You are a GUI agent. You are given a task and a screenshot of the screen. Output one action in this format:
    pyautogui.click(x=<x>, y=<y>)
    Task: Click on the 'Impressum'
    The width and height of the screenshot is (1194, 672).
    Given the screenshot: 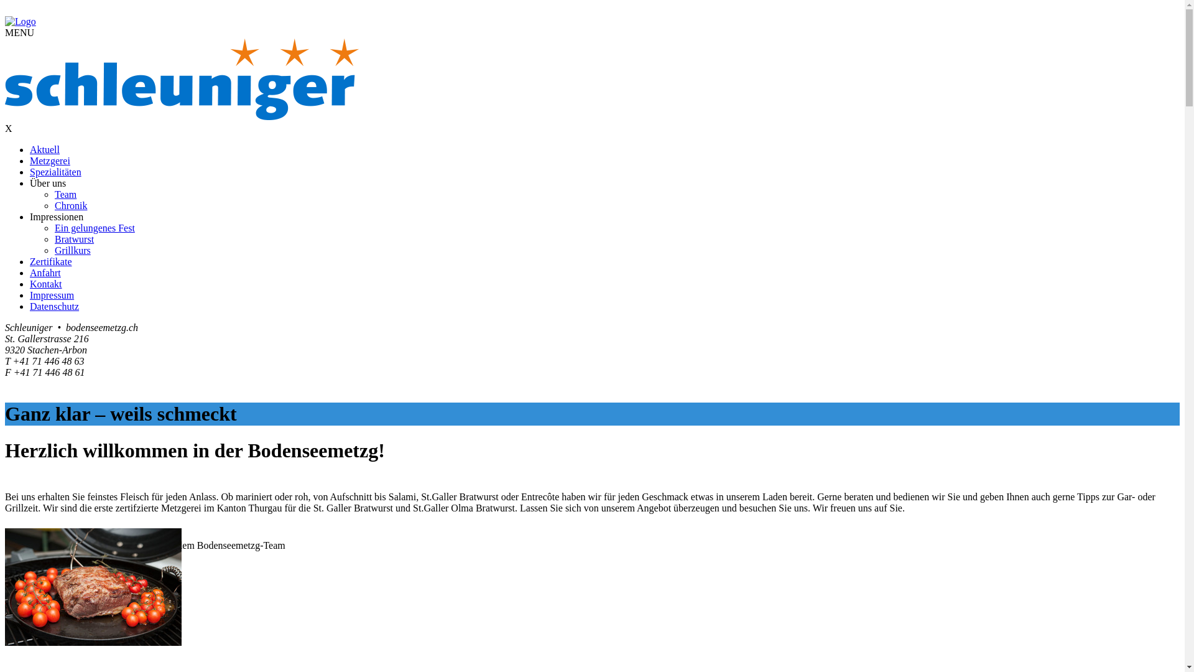 What is the action you would take?
    pyautogui.click(x=51, y=295)
    